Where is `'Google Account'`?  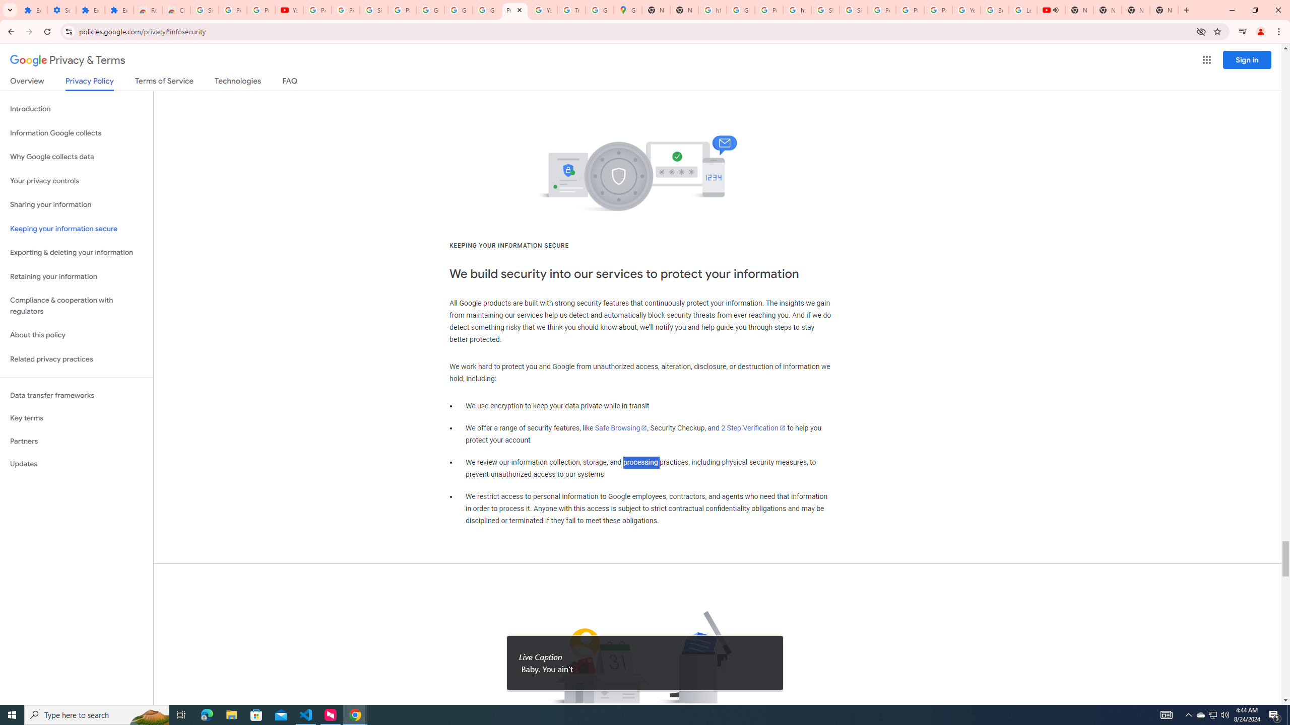 'Google Account' is located at coordinates (458, 10).